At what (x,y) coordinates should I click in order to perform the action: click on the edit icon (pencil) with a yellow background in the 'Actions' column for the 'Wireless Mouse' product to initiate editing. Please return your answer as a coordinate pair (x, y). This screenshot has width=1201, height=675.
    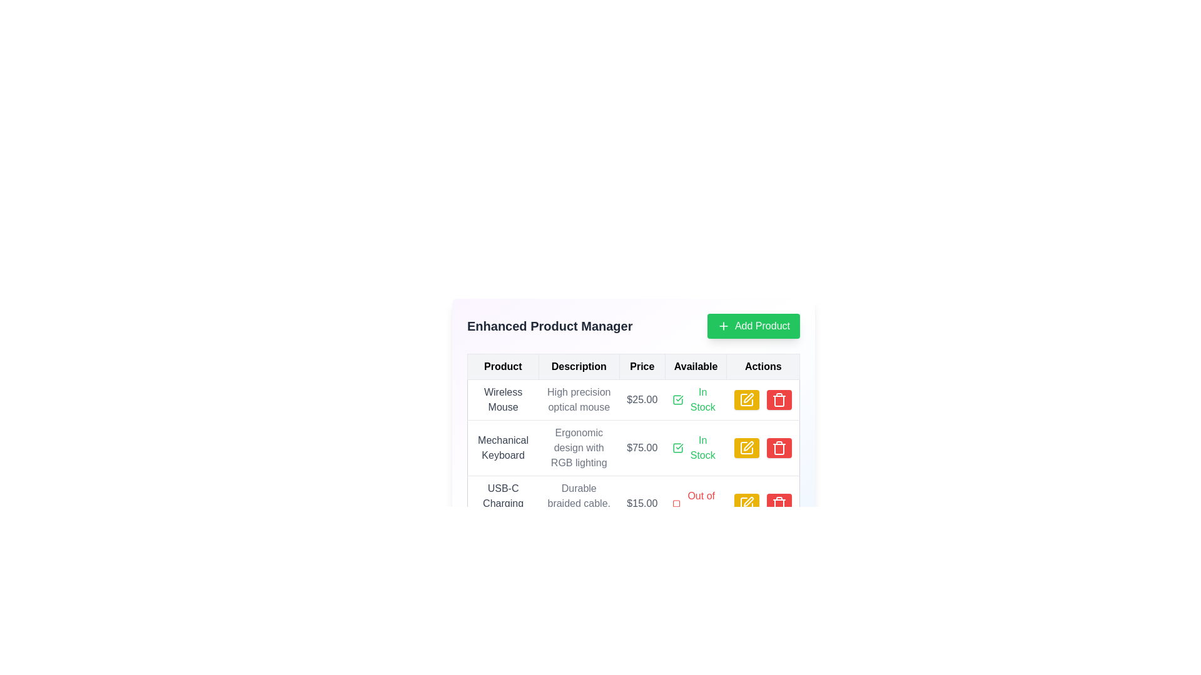
    Looking at the image, I should click on (748, 397).